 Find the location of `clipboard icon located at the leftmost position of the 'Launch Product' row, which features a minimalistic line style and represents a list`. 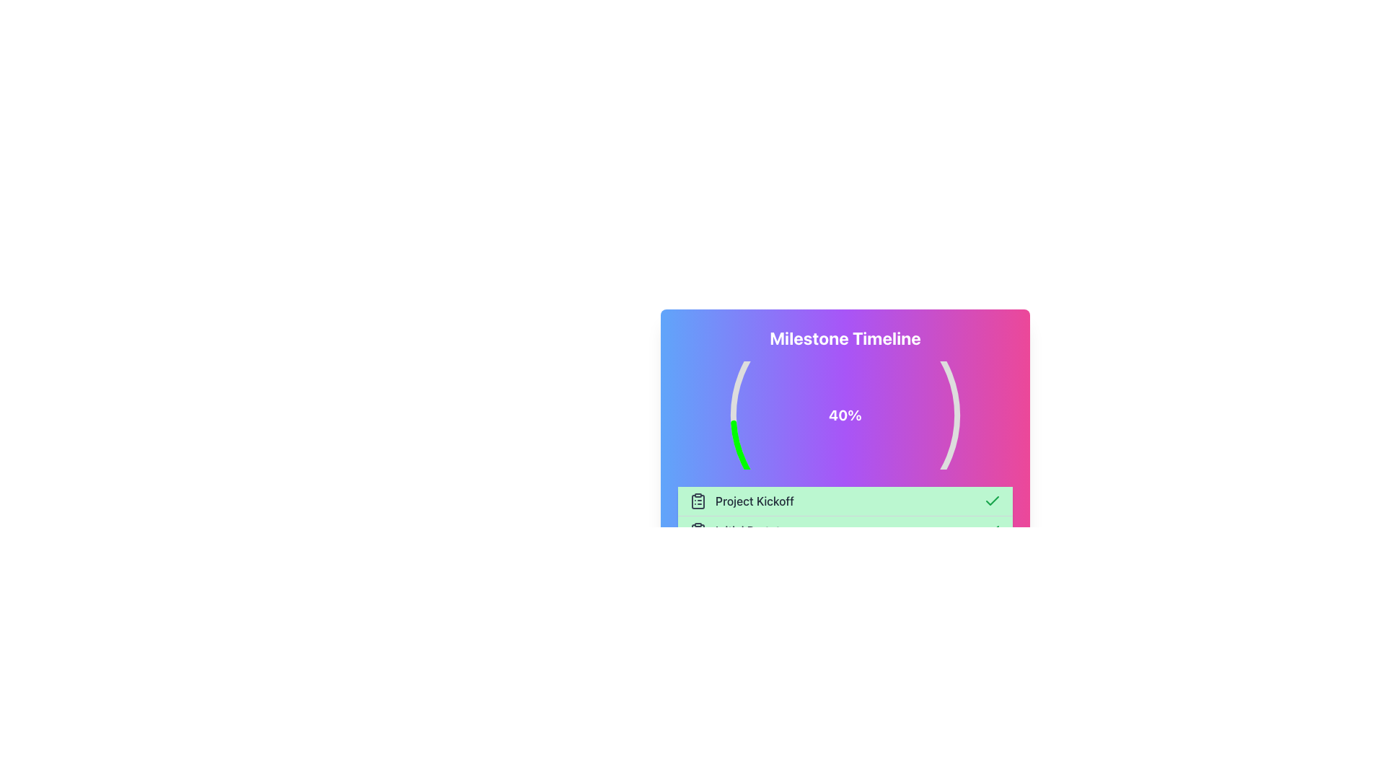

clipboard icon located at the leftmost position of the 'Launch Product' row, which features a minimalistic line style and represents a list is located at coordinates (698, 589).